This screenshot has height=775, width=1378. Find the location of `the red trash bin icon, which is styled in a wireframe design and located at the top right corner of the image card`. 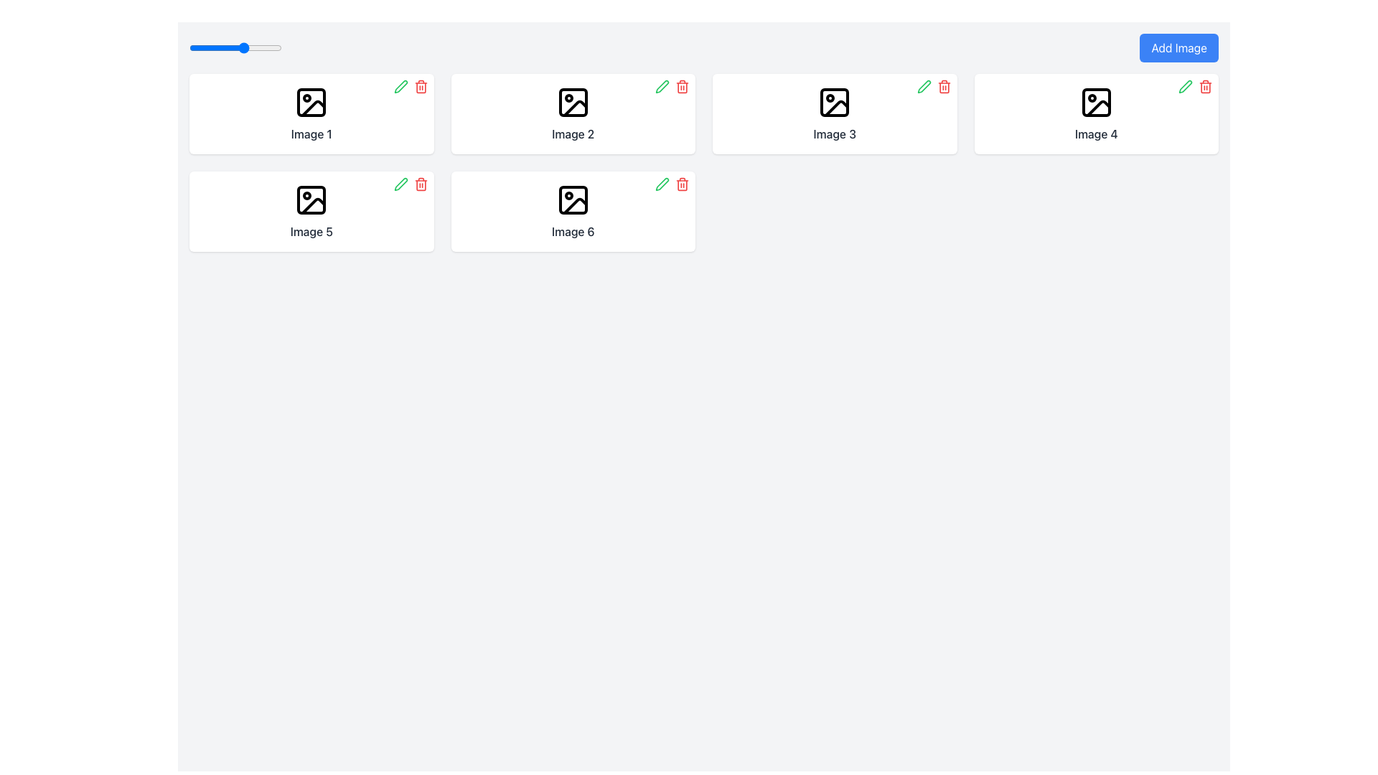

the red trash bin icon, which is styled in a wireframe design and located at the top right corner of the image card is located at coordinates (420, 86).